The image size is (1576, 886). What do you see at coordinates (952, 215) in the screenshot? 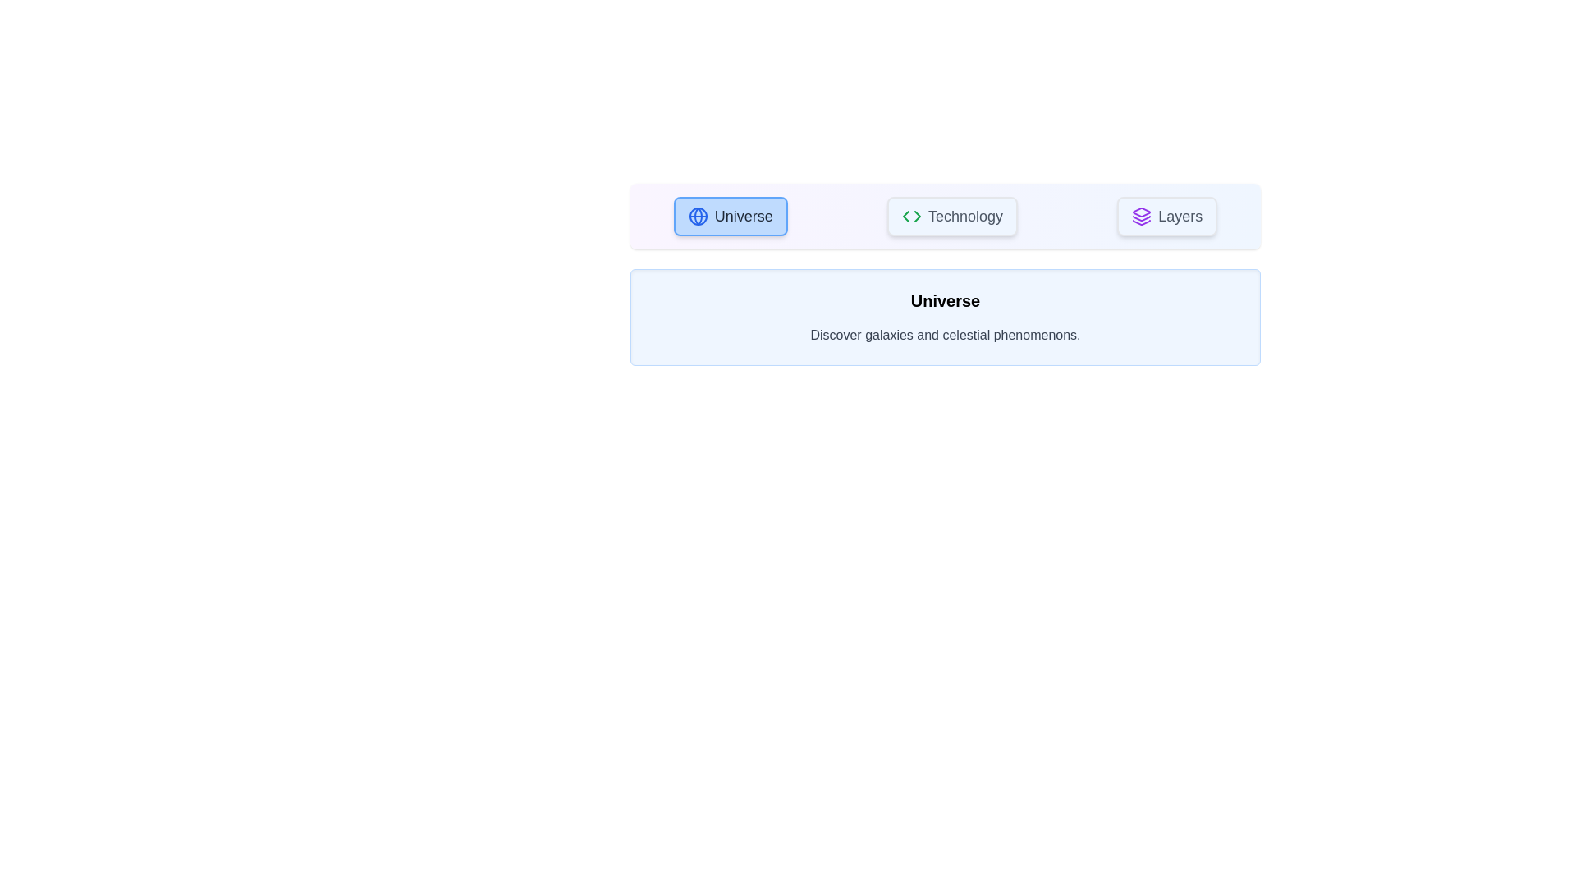
I see `the Technology tab to view its content` at bounding box center [952, 215].